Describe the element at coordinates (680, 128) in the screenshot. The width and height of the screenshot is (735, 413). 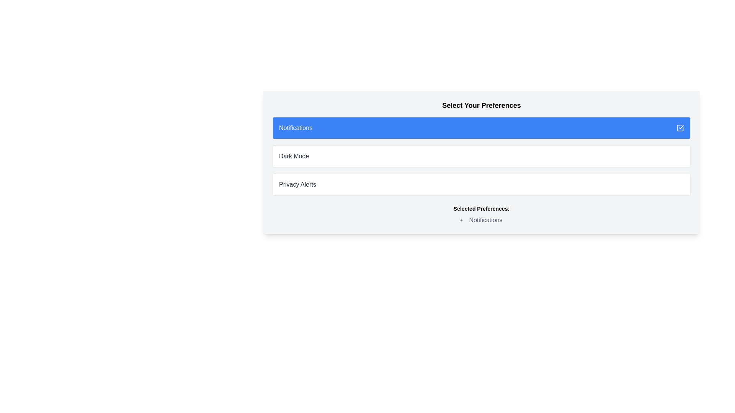
I see `the Icon with a checkmark located in the top-right corner of the blue rectangular box labeled 'Notifications' to indicate a selection or action confirmation` at that location.